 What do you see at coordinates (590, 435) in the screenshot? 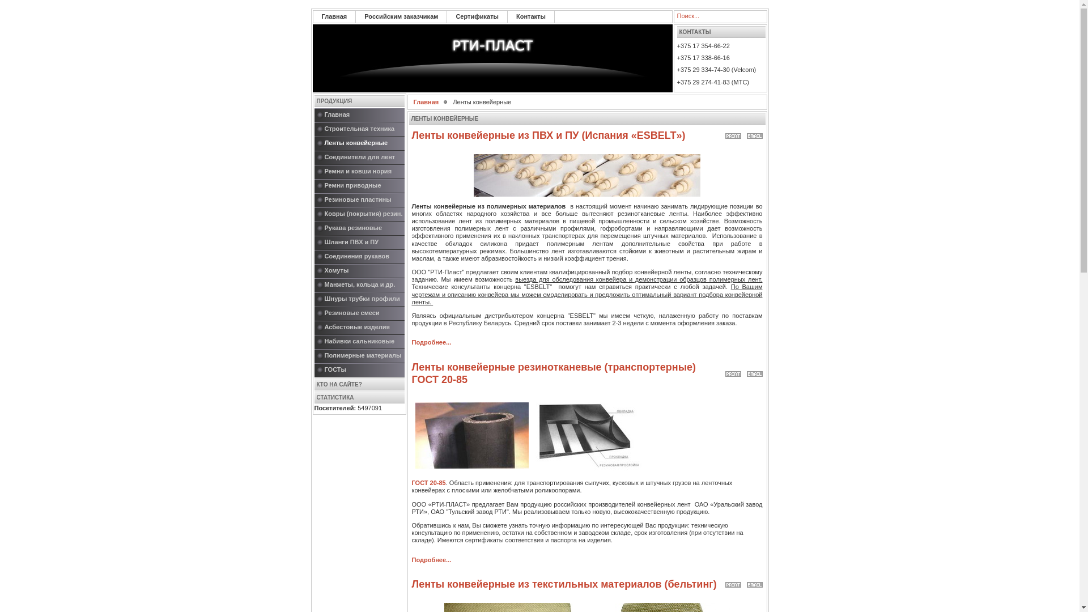
I see `'Image'` at bounding box center [590, 435].